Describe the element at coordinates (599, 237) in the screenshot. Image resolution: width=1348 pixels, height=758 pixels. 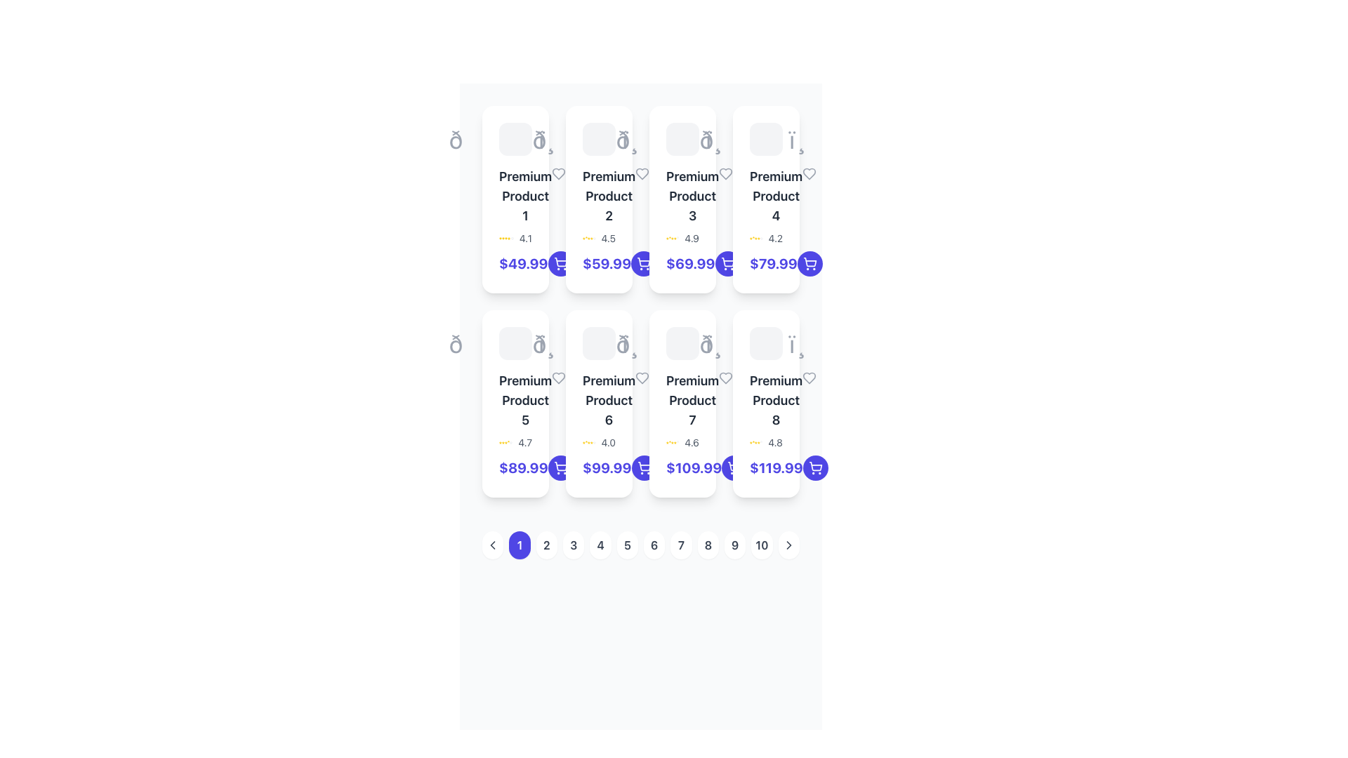
I see `average user rating displayed as a star-based rating and numeric value for the product in the 'Premium Product 2' card, located beneath the product title and above the price section` at that location.